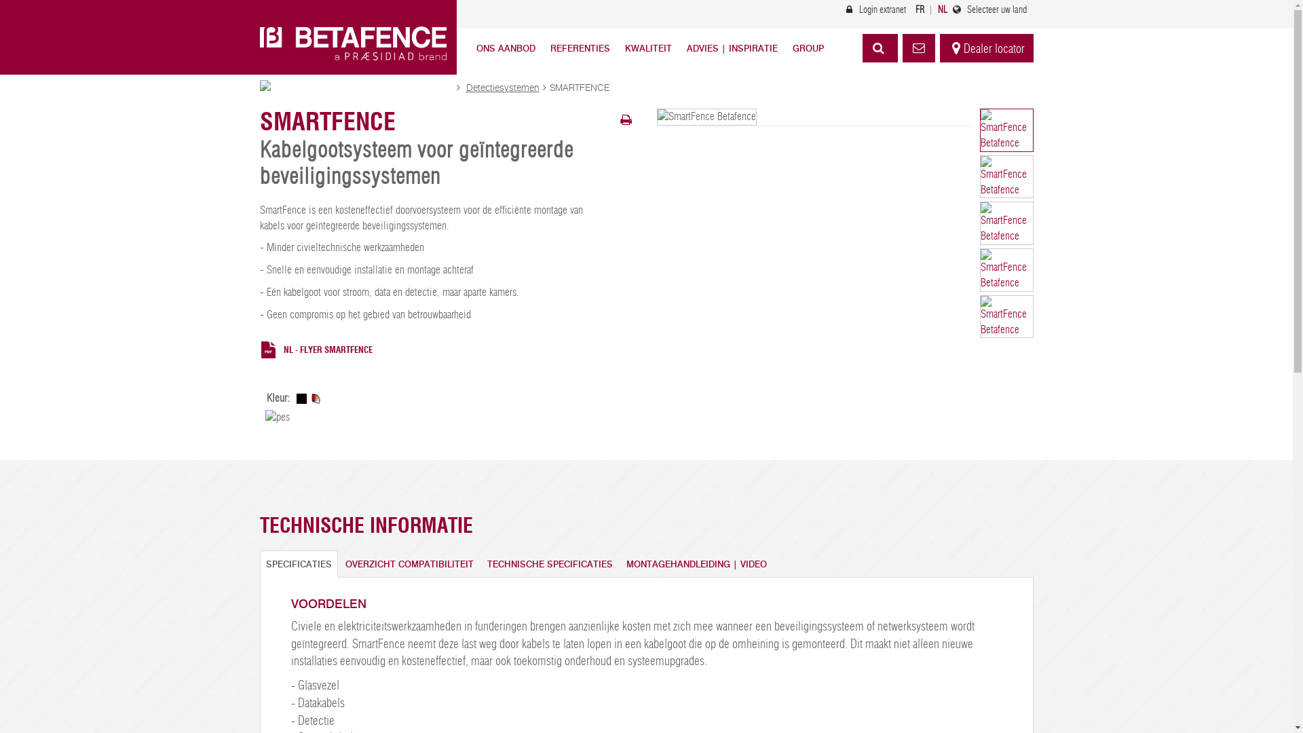 The height and width of the screenshot is (733, 1303). What do you see at coordinates (466, 88) in the screenshot?
I see `'Detectiesystemen'` at bounding box center [466, 88].